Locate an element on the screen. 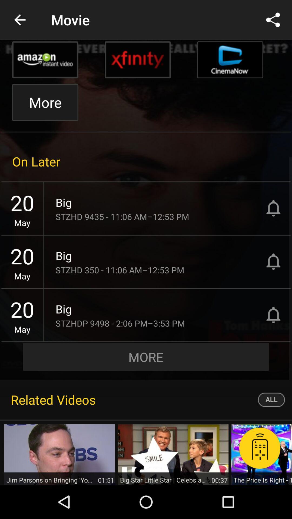  the item to the left of movie icon is located at coordinates (19, 20).